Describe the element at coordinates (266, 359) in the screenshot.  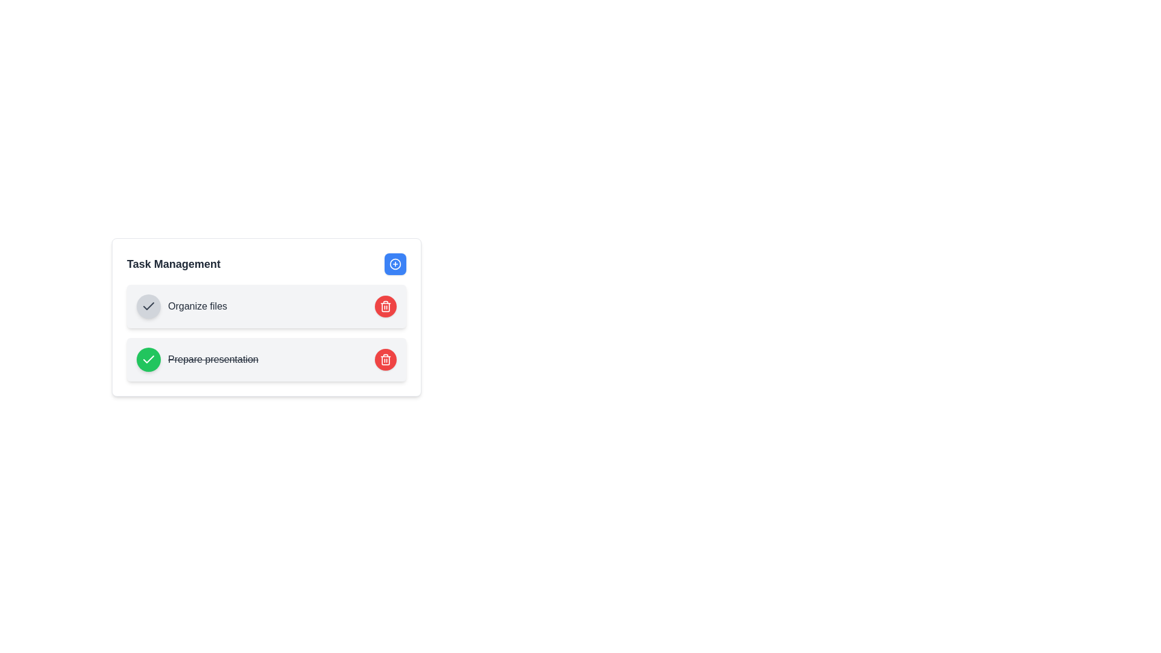
I see `the green checkmark button of the completed task in the second position of the Task Management list to uncheck the task` at that location.